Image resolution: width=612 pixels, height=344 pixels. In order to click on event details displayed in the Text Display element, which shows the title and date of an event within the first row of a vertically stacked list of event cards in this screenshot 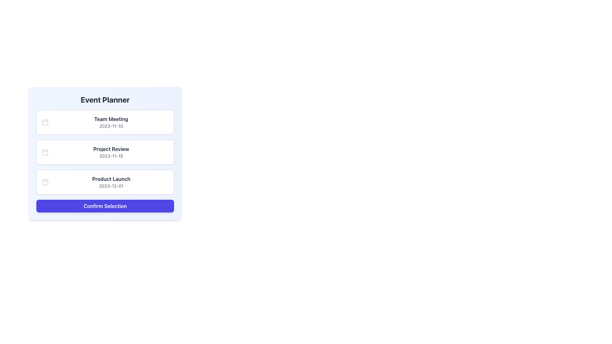, I will do `click(111, 122)`.